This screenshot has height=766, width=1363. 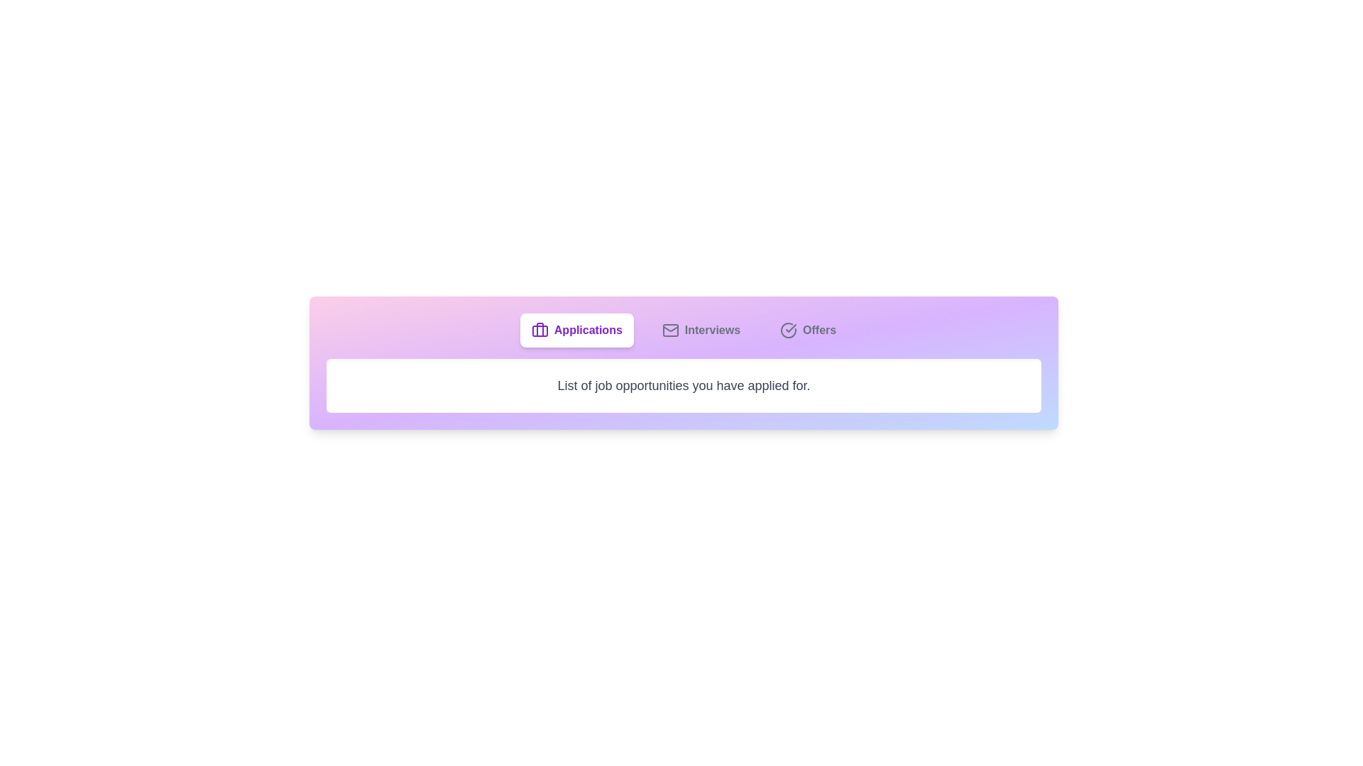 I want to click on the 'Offers' tab to view received job offers, so click(x=808, y=331).